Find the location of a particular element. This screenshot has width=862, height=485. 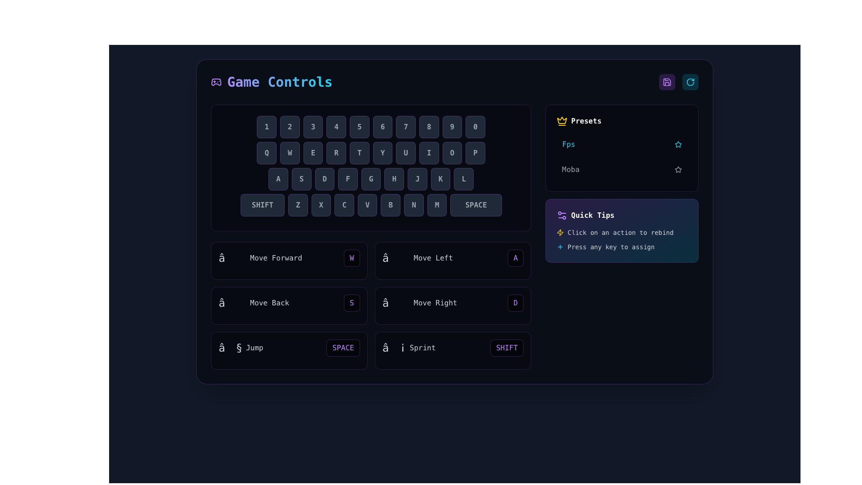

the 'C' button located in the third row of the keyboard in the 'Game Controls' section to simulate pressing the 'C' key is located at coordinates (344, 205).